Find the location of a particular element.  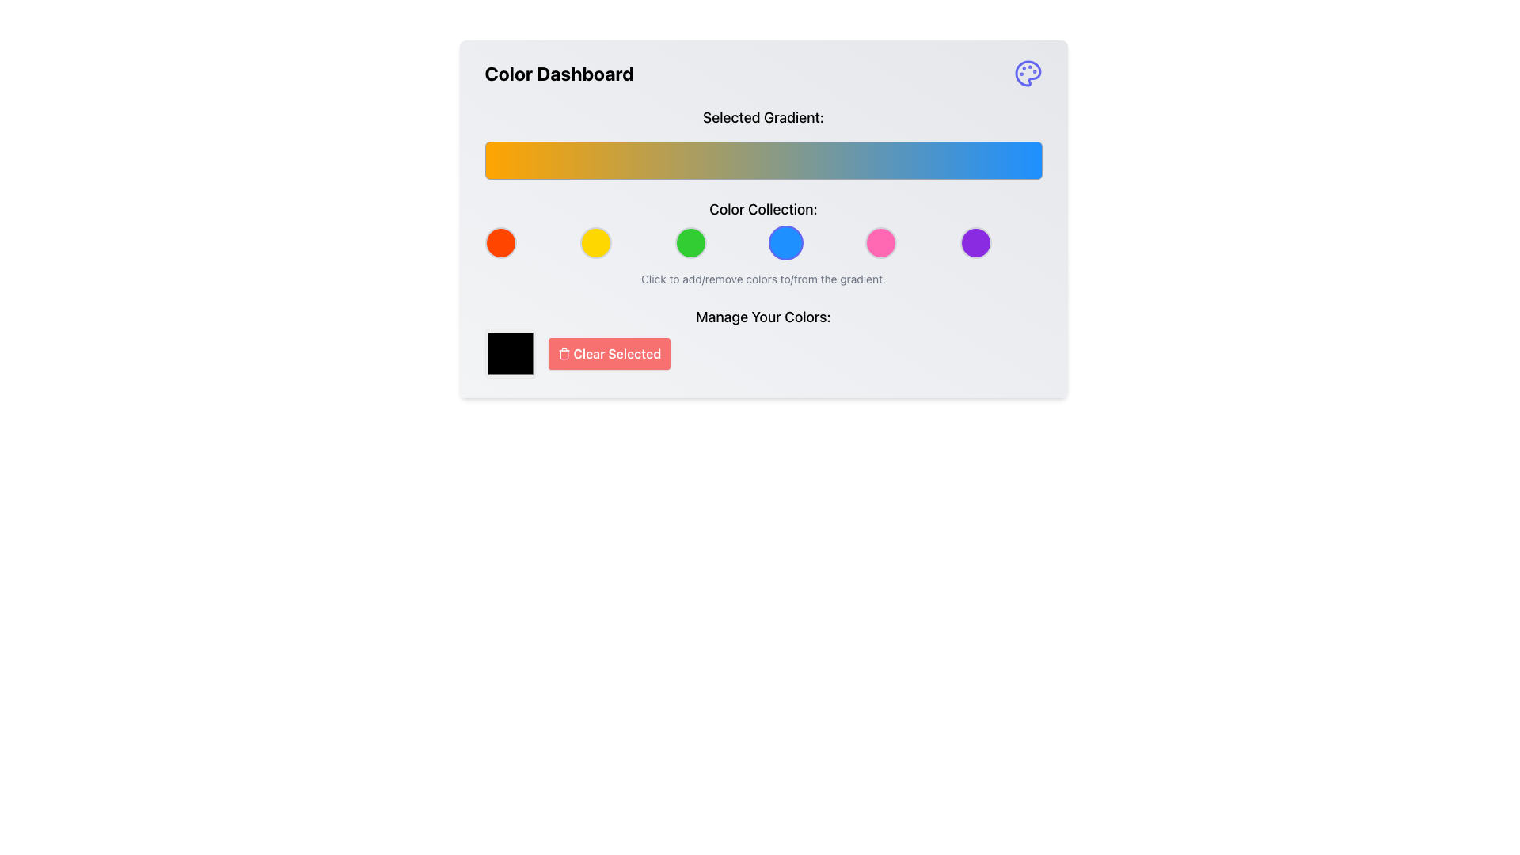

the text label located directly below the gradient selection bar, which indicates the function of the color selection section is located at coordinates (763, 209).